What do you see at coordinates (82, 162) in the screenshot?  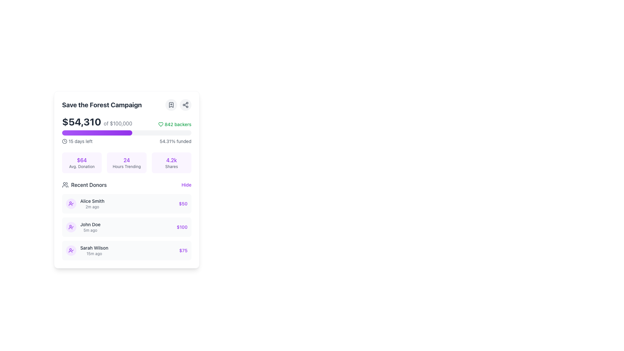 I see `the rectangular card with a light purple background displaying '$64' and 'Avg. Donation', which is the first card in the grid layout` at bounding box center [82, 162].